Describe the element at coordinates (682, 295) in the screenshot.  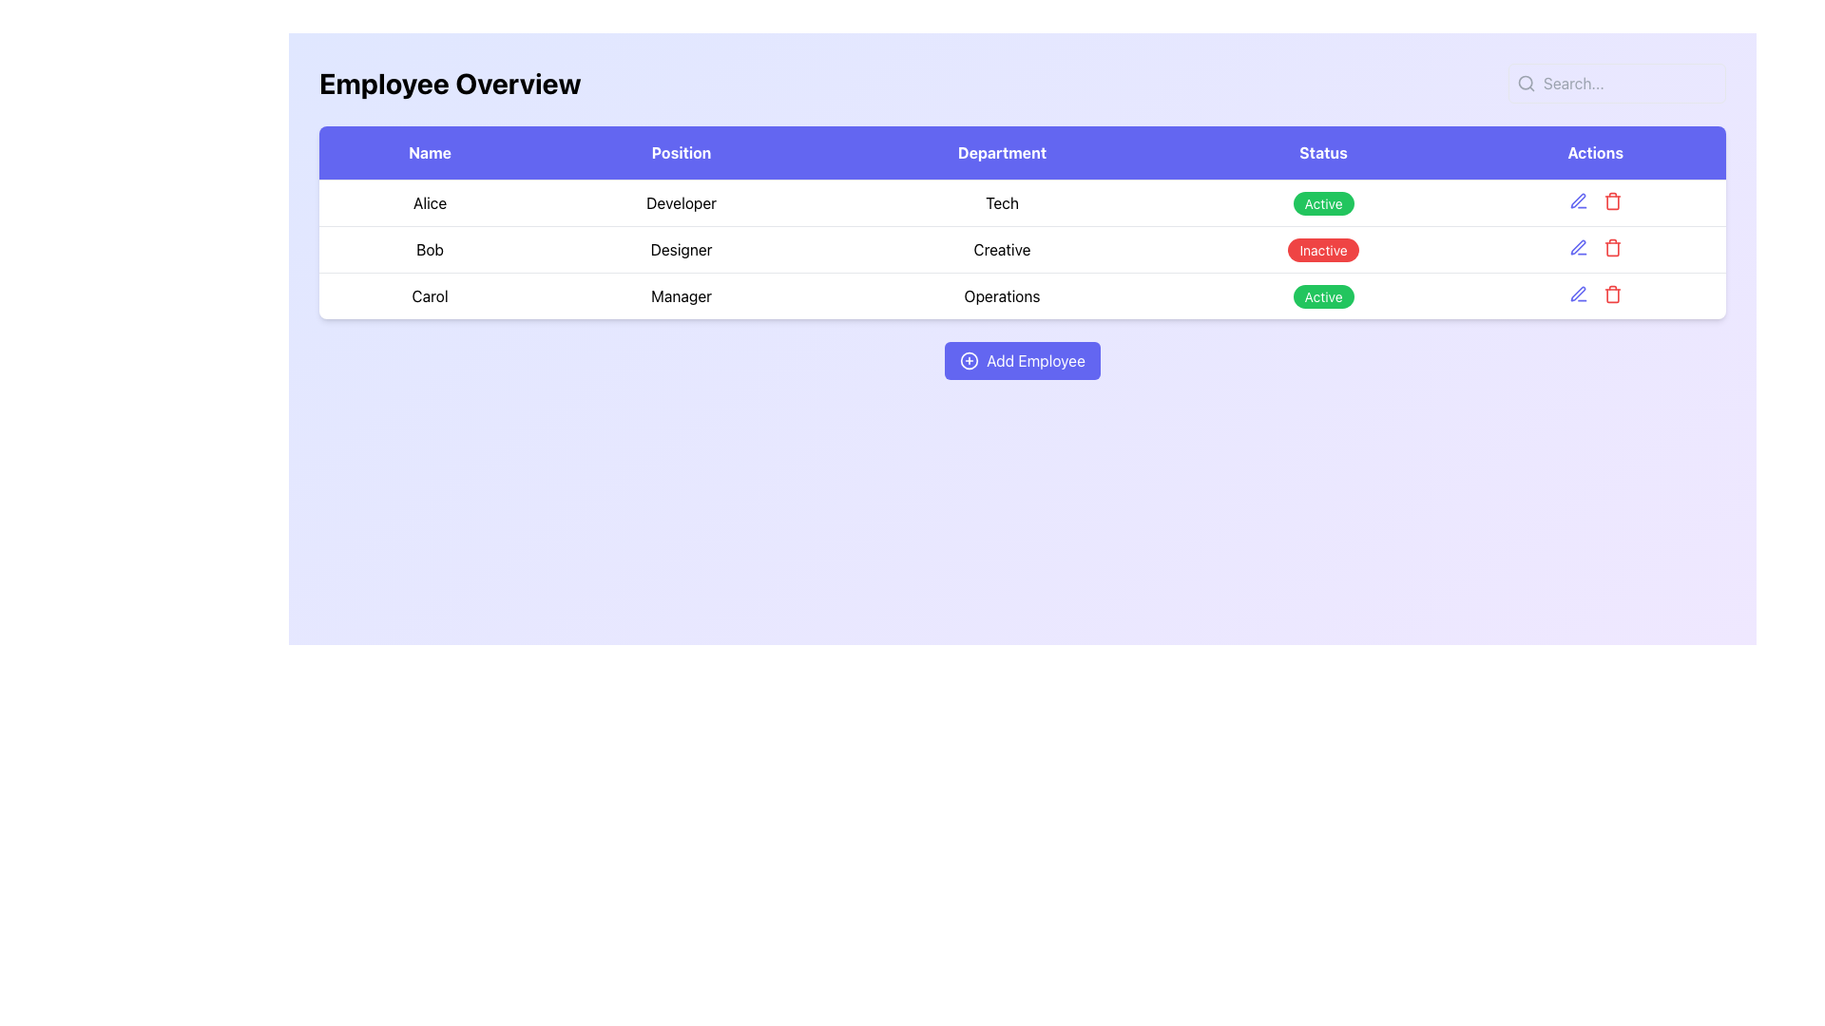
I see `the text label displaying the job title 'Manager' for the individual named 'Carol' in the third row of the 'Position' column of the table` at that location.